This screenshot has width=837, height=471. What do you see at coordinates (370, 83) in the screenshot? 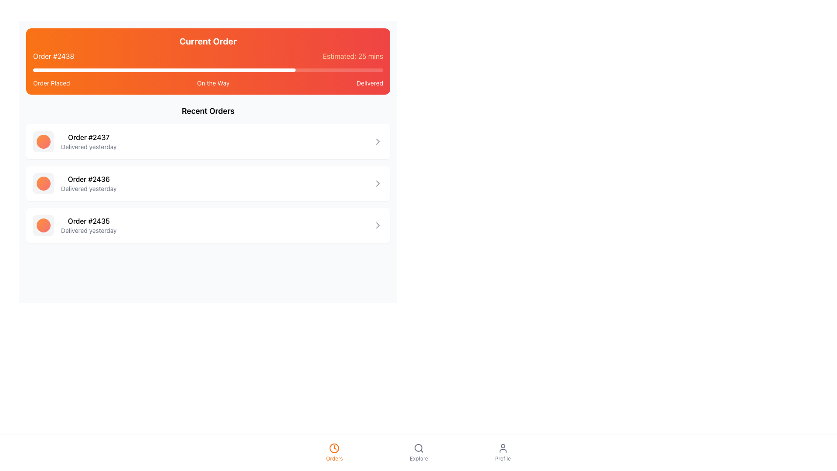
I see `the text label displaying 'Delivered' in white on a red background, indicating the delivery status, which is the third item in the top horizontal layout` at bounding box center [370, 83].